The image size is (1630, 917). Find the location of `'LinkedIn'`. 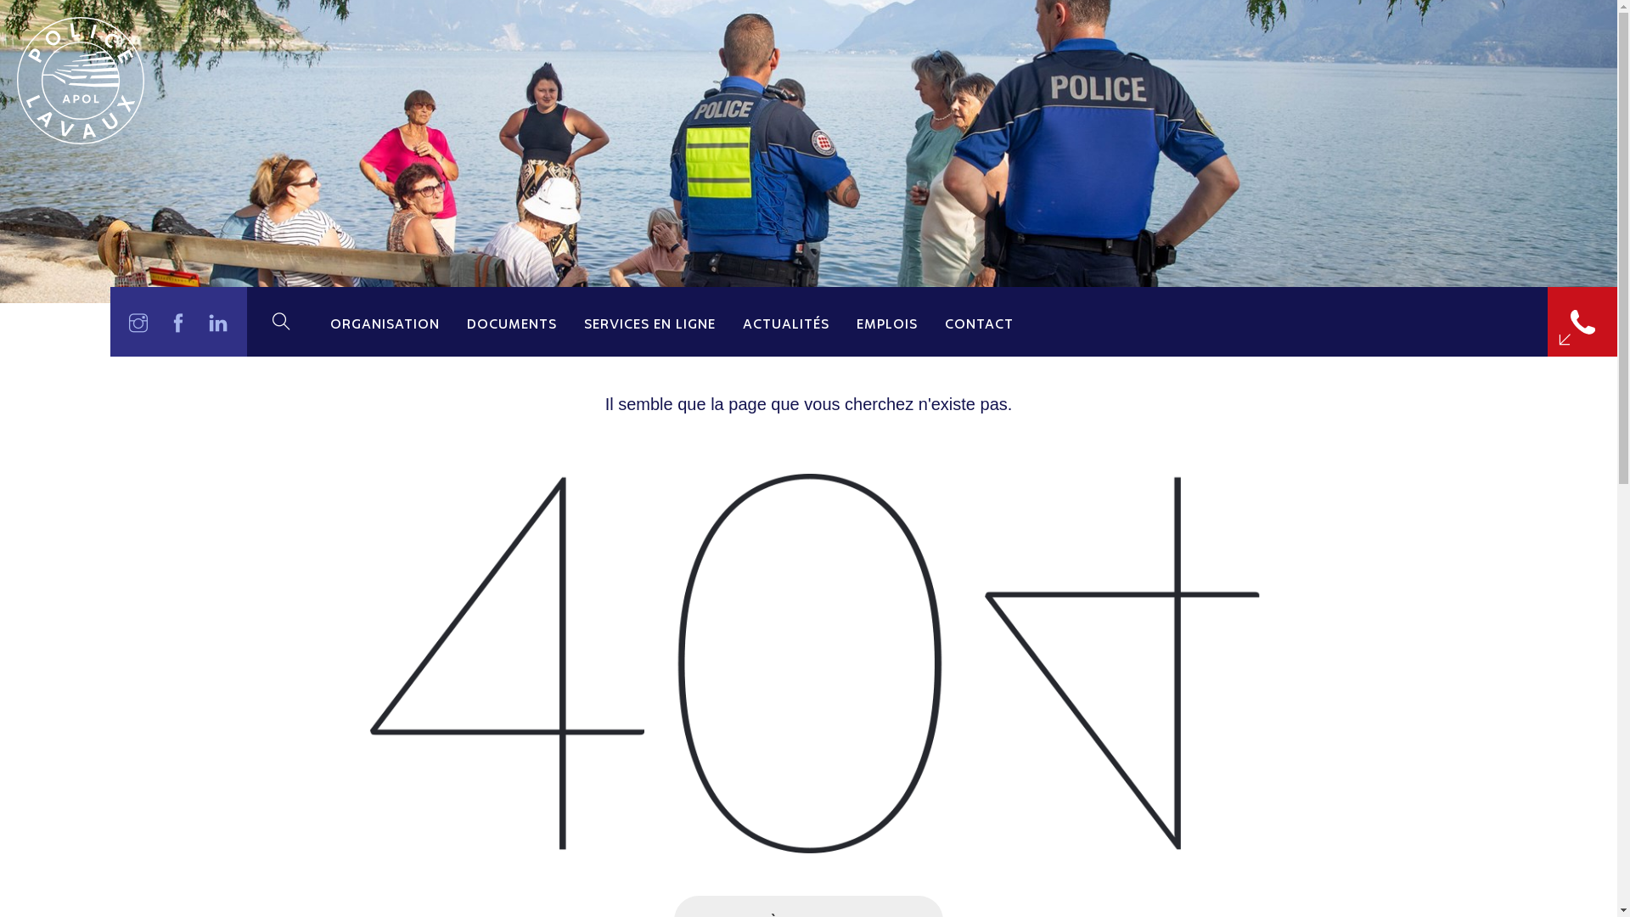

'LinkedIn' is located at coordinates (217, 321).